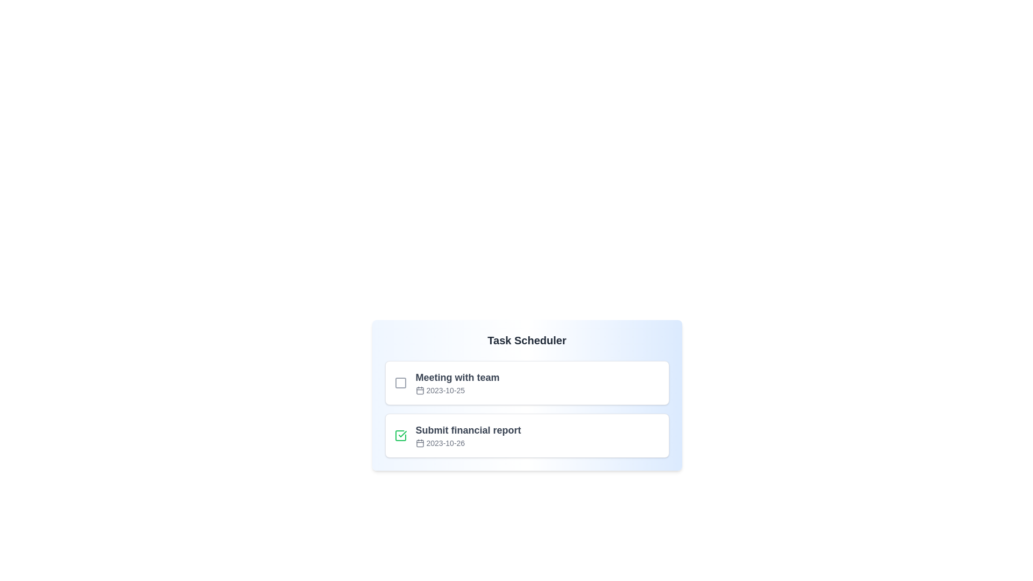 The image size is (1033, 581). Describe the element at coordinates (400, 436) in the screenshot. I see `the checkbox with a green checkmark icon that marks the task 'Submit financial report' as completed or uncompleted` at that location.